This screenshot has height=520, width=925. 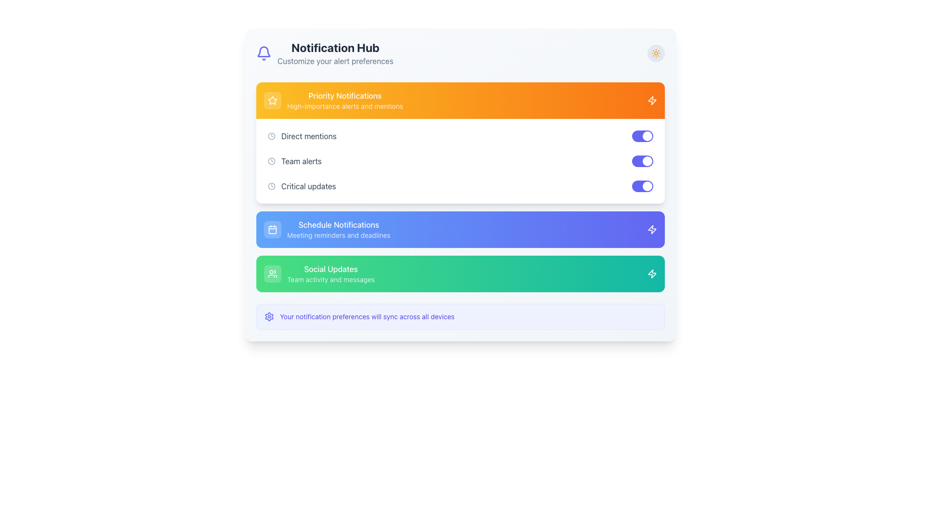 What do you see at coordinates (330, 280) in the screenshot?
I see `the Text Label that displays 'Team activity and messages', which is styled in white with reduced opacity and situated below the 'Social Updates' heading` at bounding box center [330, 280].